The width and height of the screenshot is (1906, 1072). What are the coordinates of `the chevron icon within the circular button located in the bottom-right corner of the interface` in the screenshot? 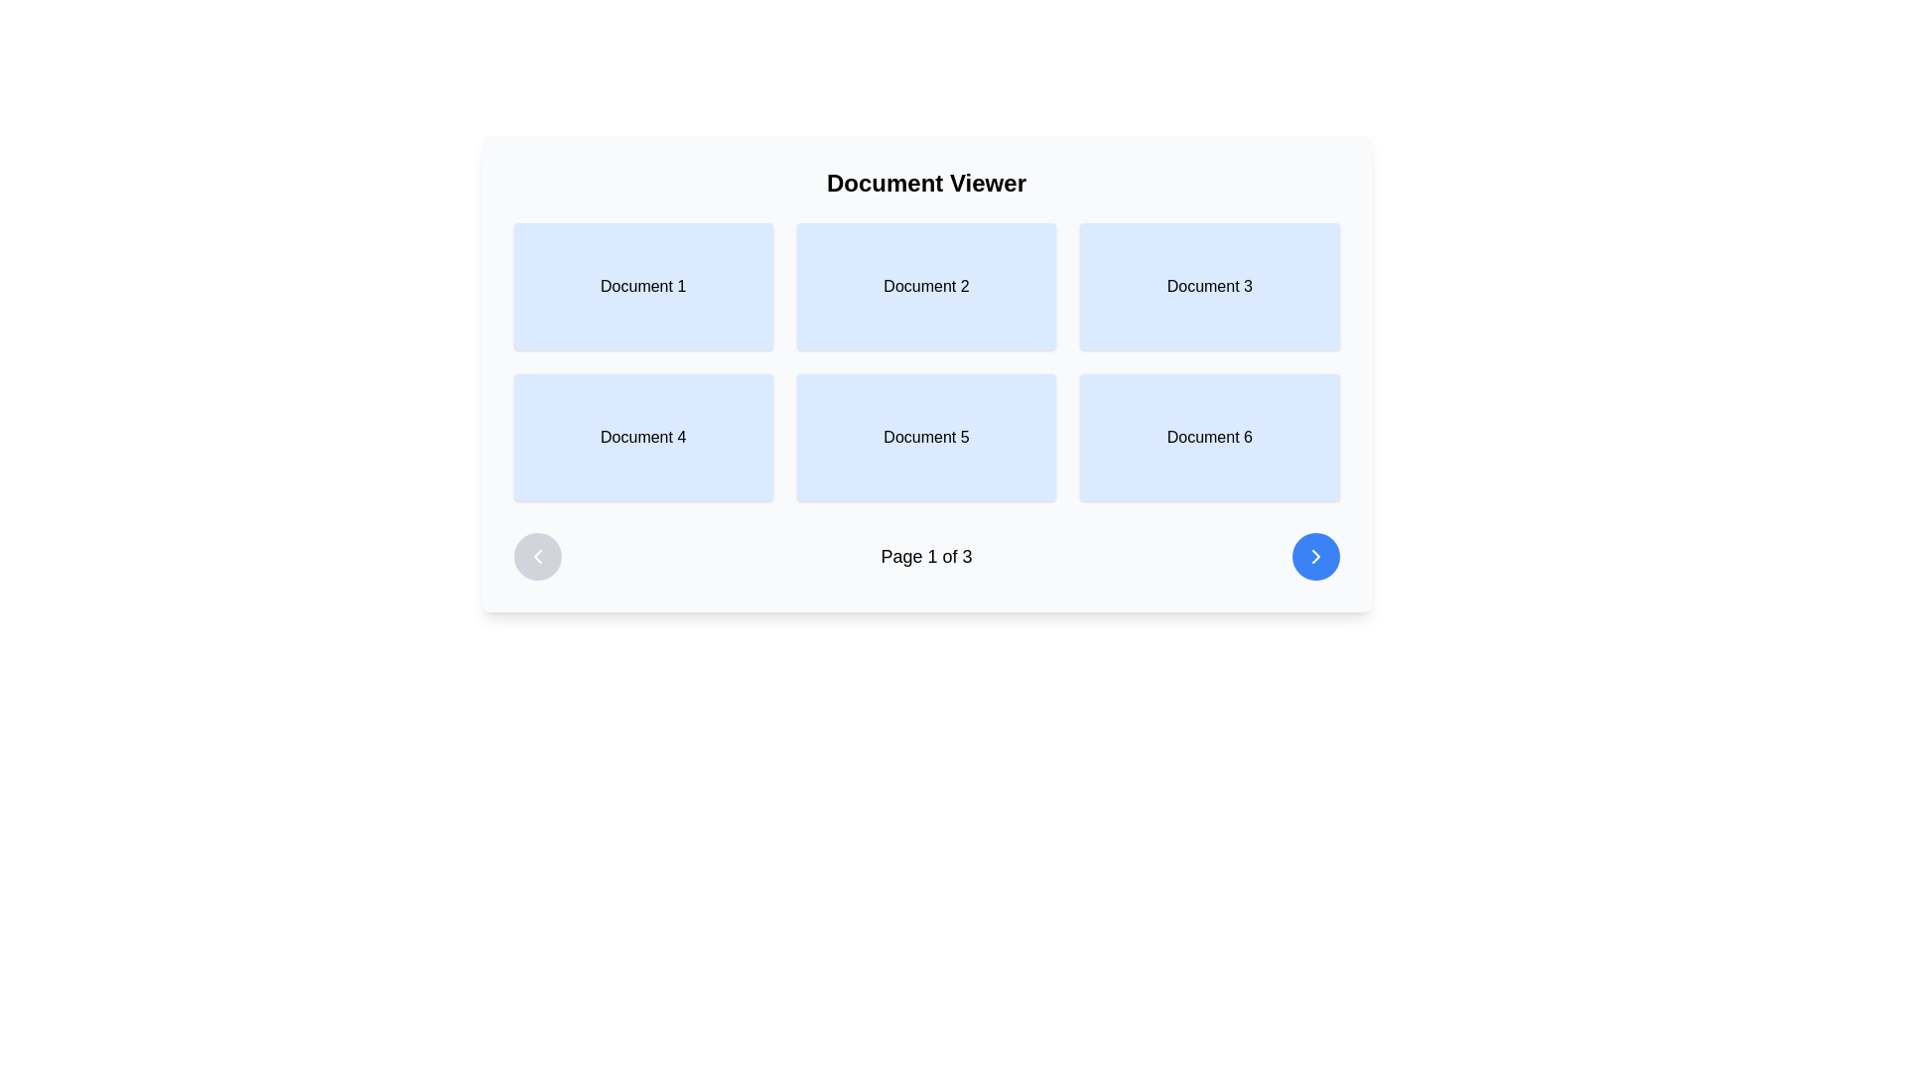 It's located at (1315, 556).